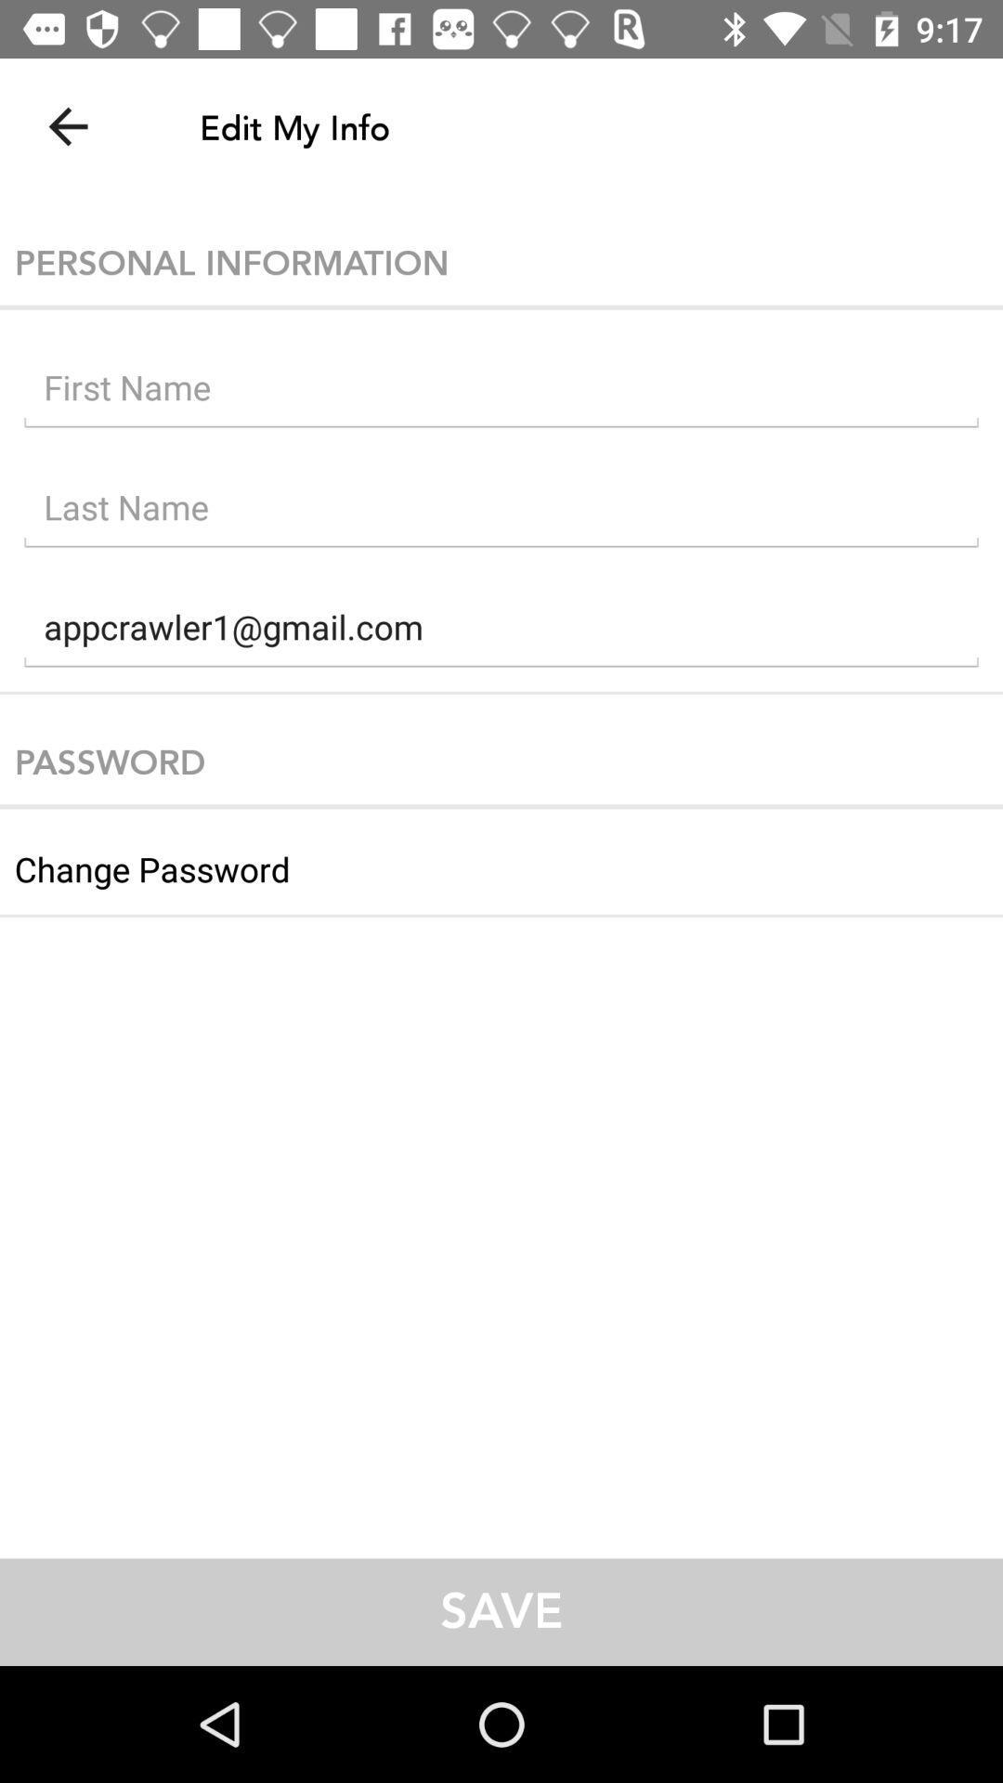  What do you see at coordinates (501, 1611) in the screenshot?
I see `save icon` at bounding box center [501, 1611].